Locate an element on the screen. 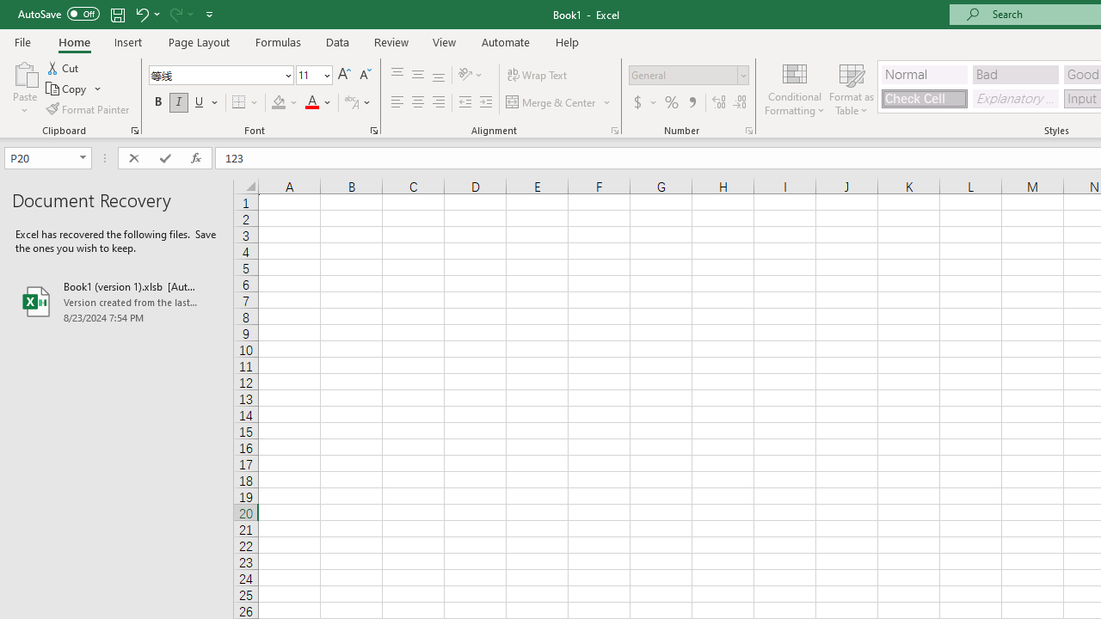 The height and width of the screenshot is (619, 1101). 'Decrease Indent' is located at coordinates (464, 102).